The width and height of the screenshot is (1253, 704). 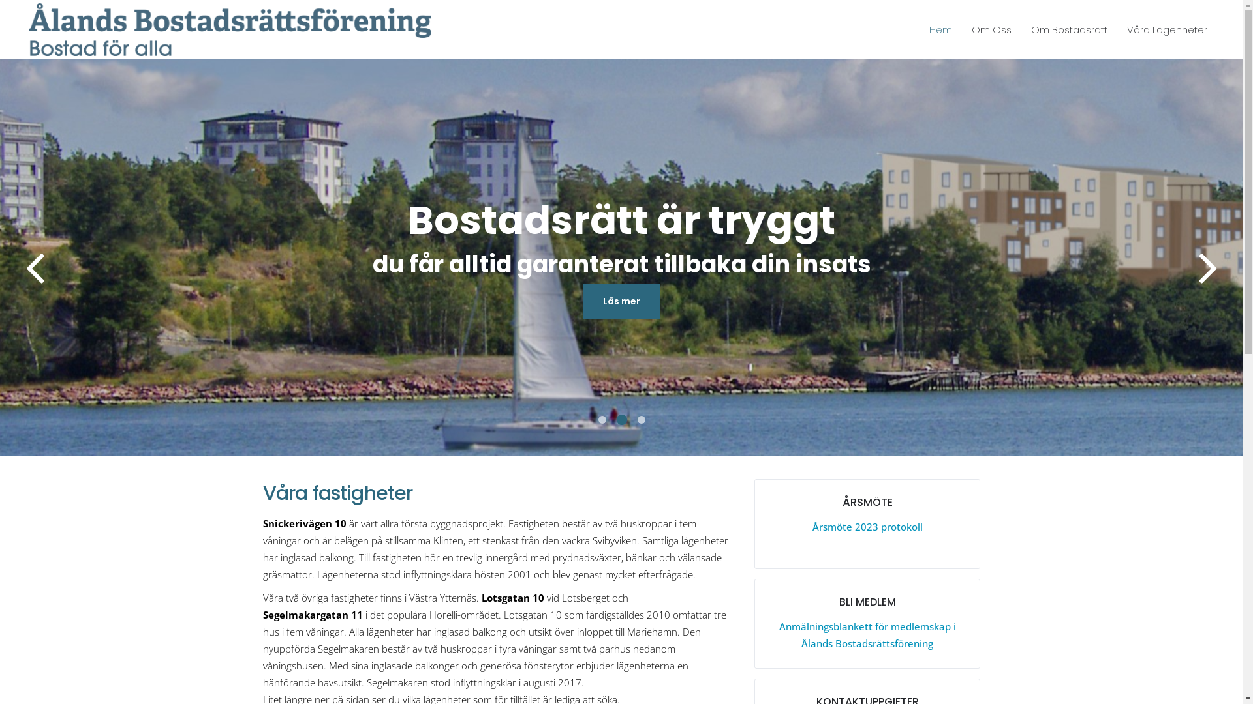 What do you see at coordinates (919, 29) in the screenshot?
I see `'Hem'` at bounding box center [919, 29].